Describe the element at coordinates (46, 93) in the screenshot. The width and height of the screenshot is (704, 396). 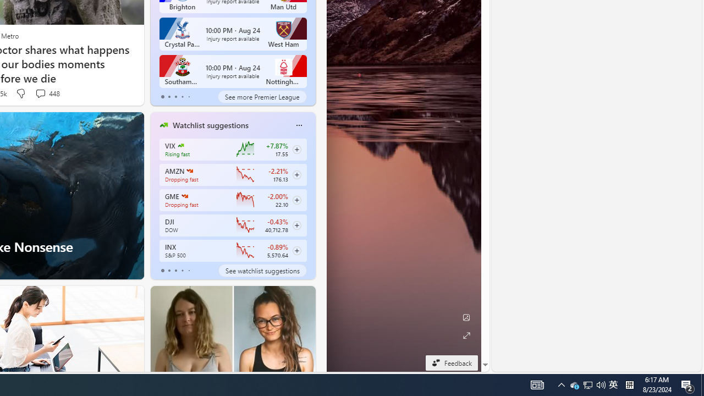
I see `'View comments 448 Comment'` at that location.